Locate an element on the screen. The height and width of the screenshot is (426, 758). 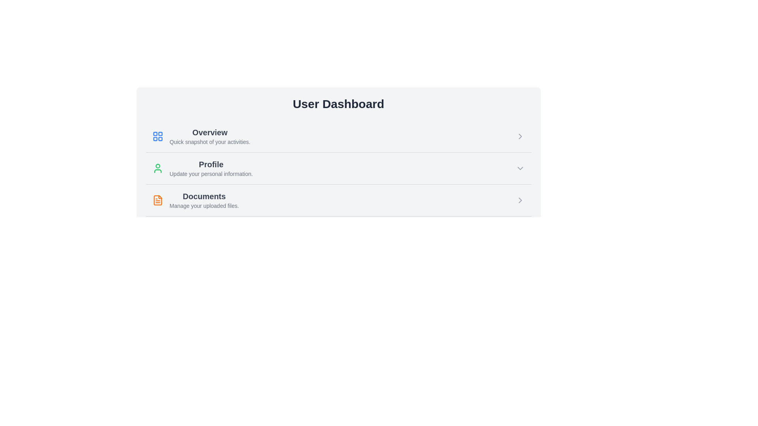
the composite UI component that serves as a button or link is located at coordinates (195, 200).